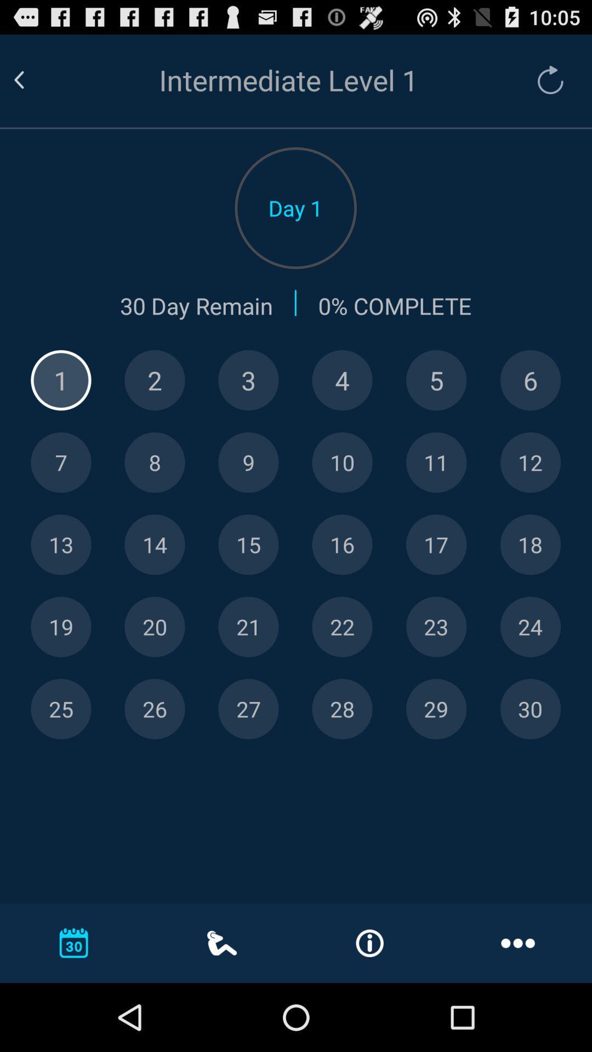 The width and height of the screenshot is (592, 1052). I want to click on number twenty six, so click(155, 709).